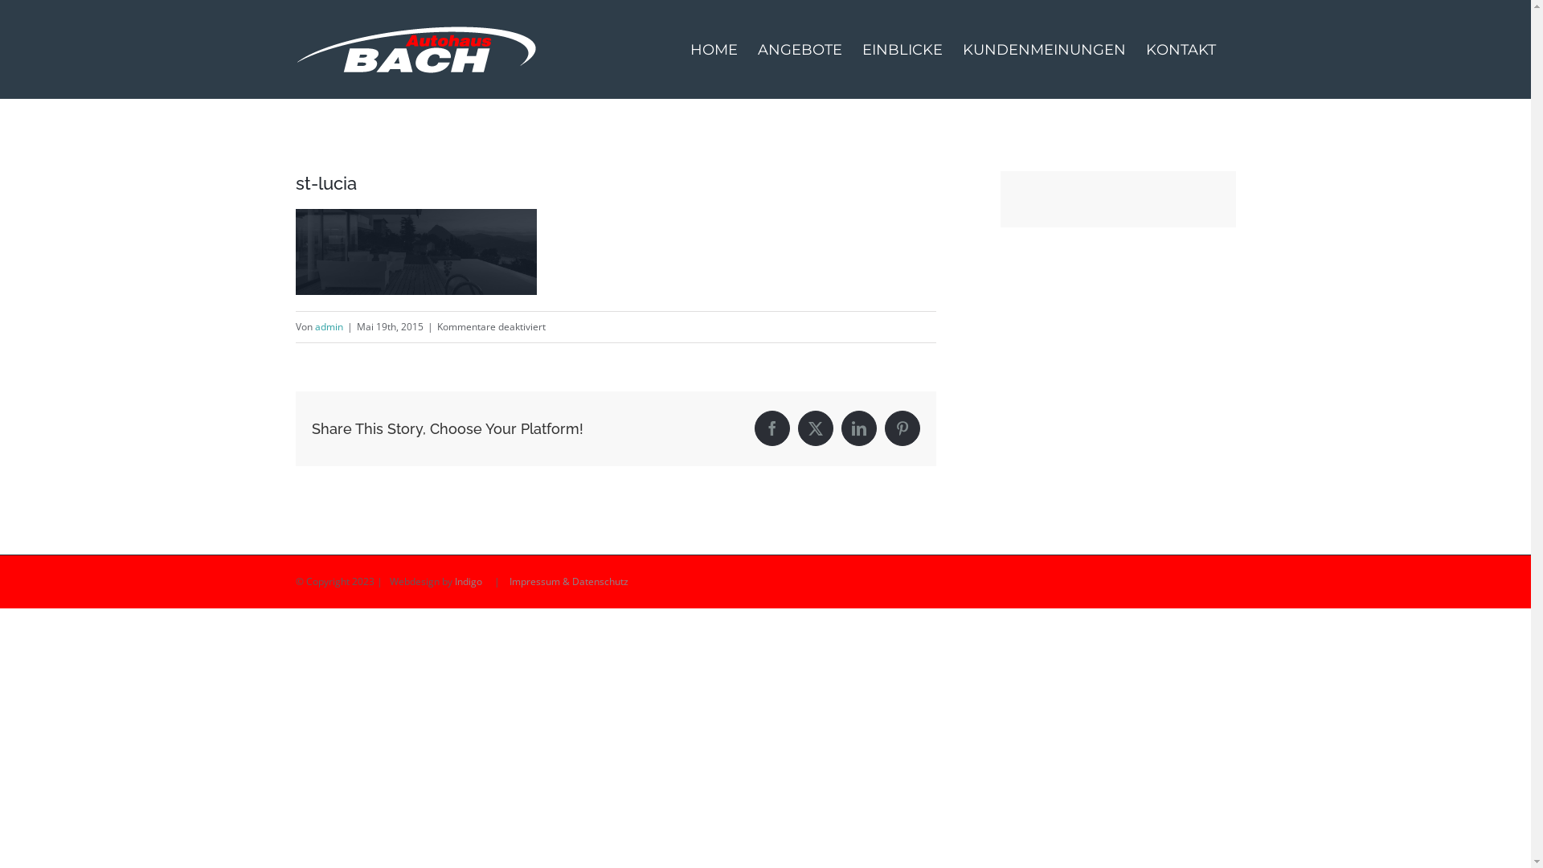  I want to click on 'HOME', so click(712, 47).